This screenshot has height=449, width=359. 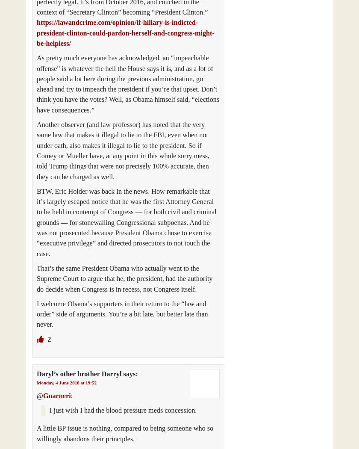 I want to click on '2', so click(x=48, y=338).